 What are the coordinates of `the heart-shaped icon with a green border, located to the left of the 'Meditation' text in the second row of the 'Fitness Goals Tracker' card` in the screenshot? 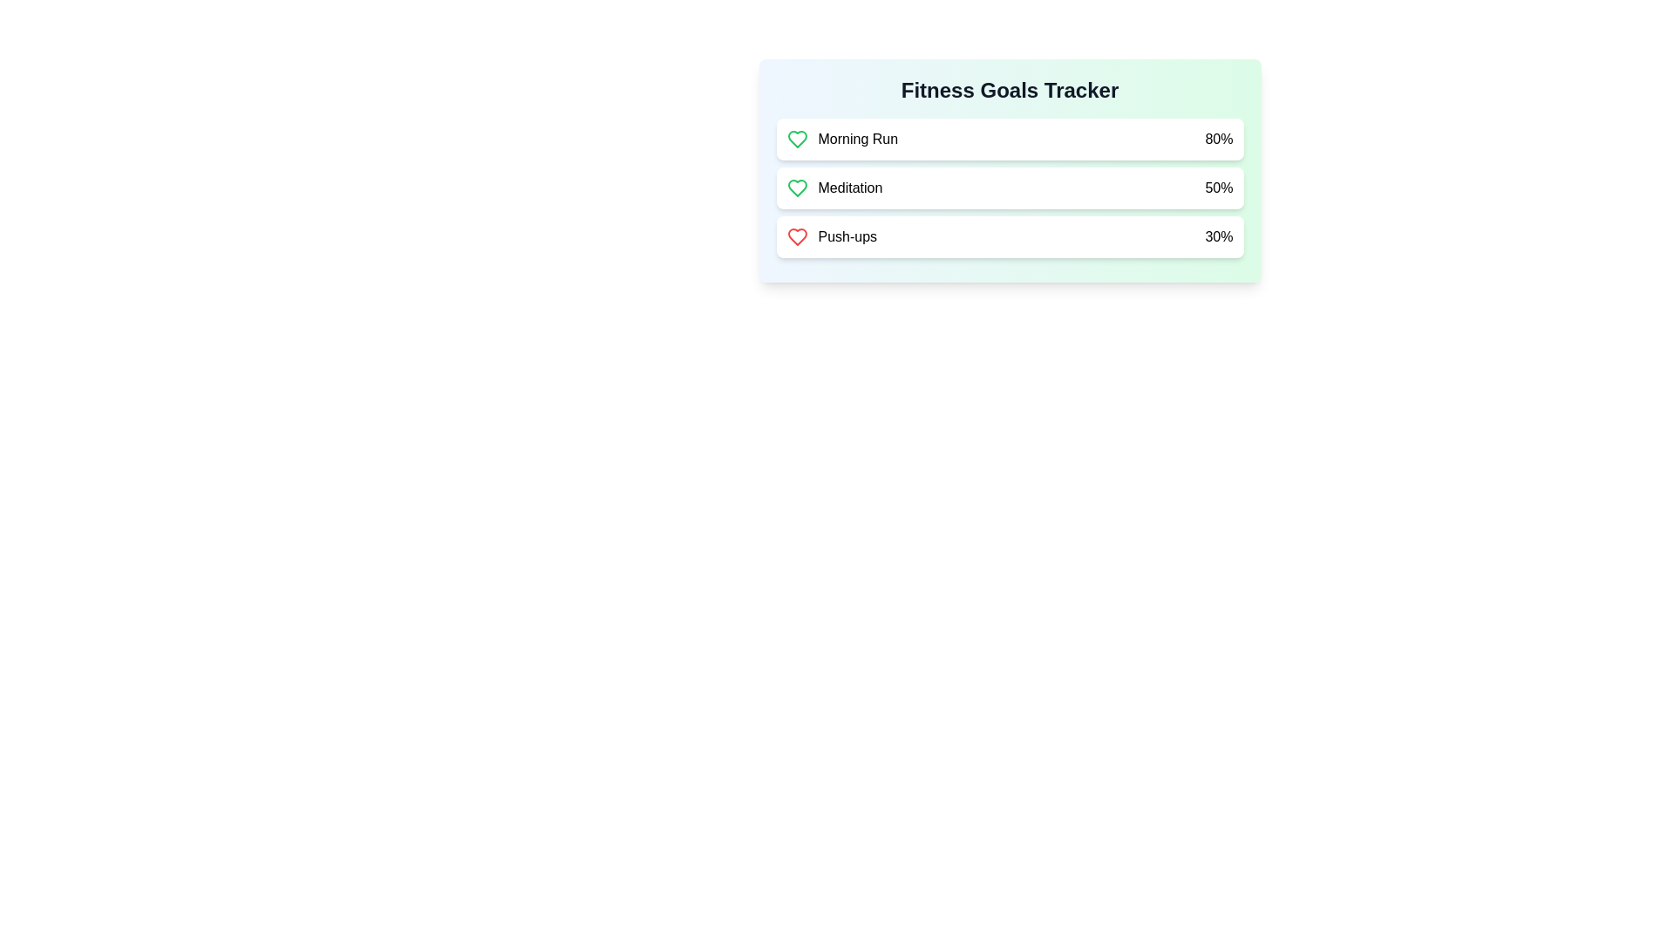 It's located at (796, 188).